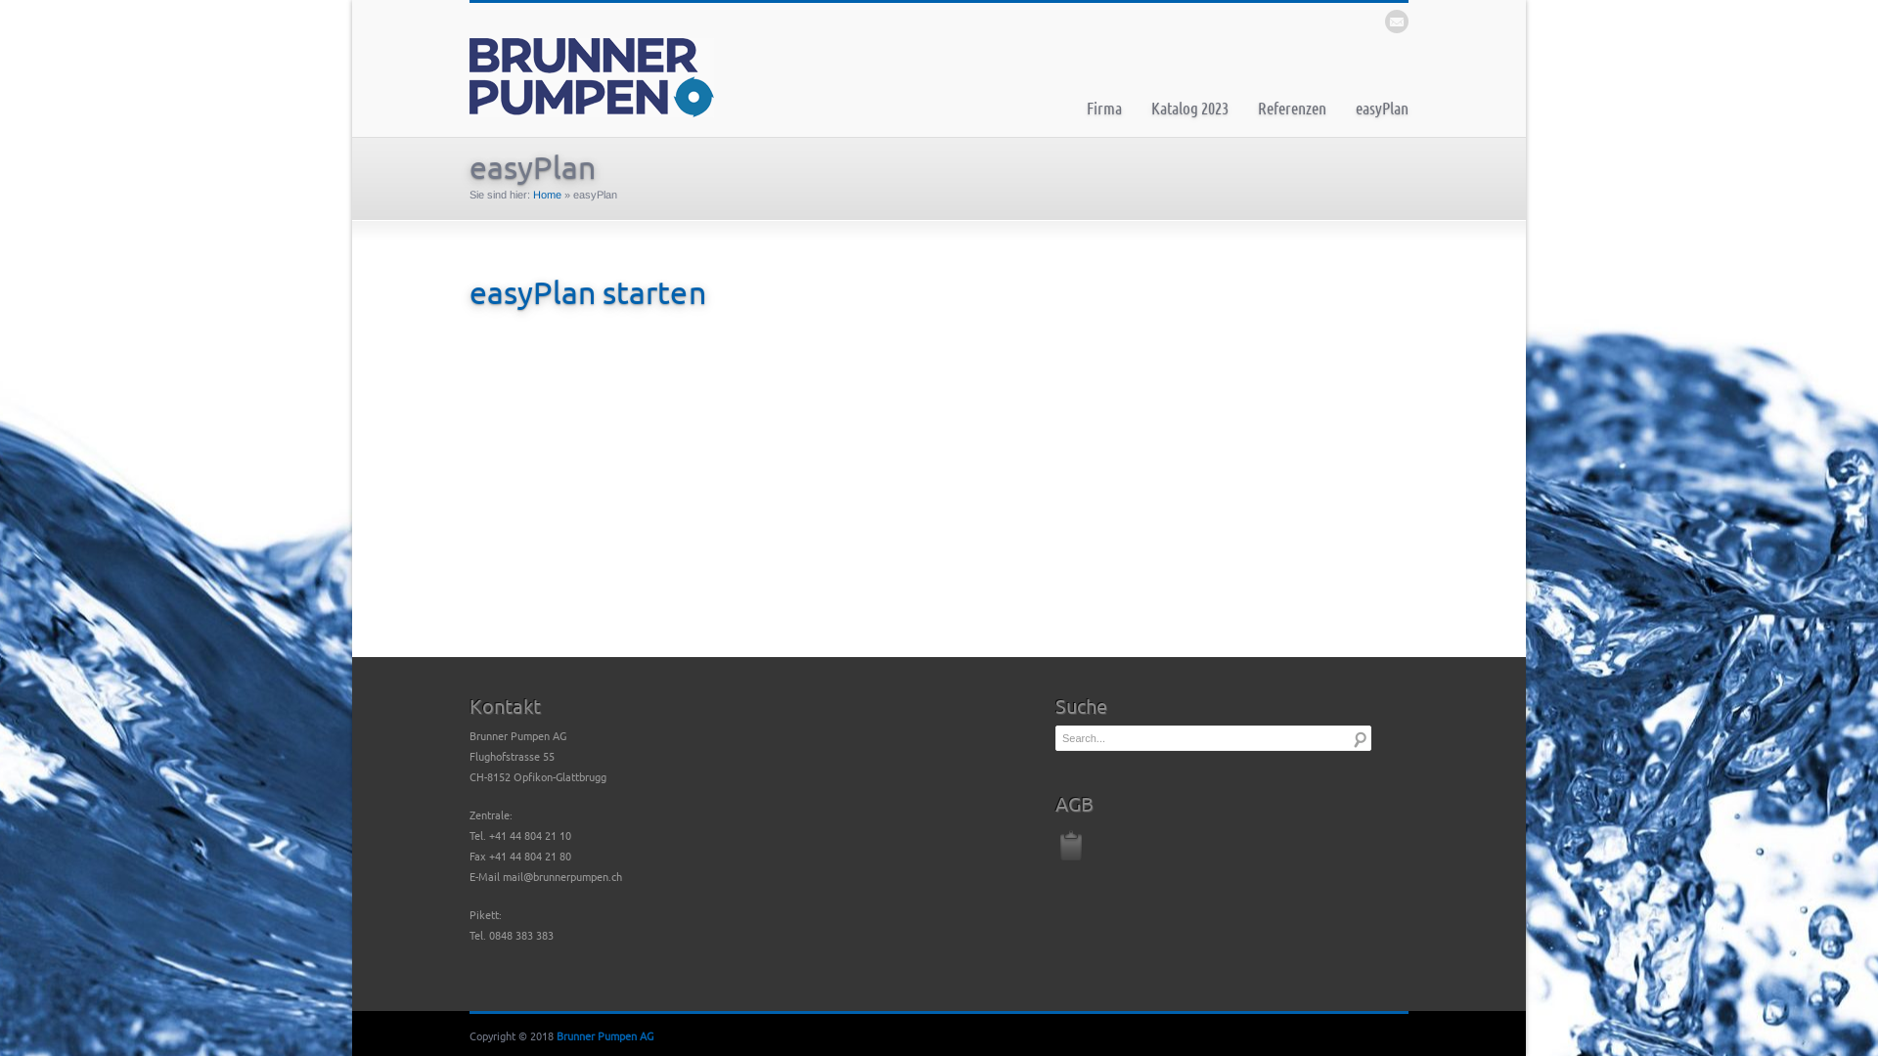 This screenshot has width=1878, height=1056. I want to click on 'Firma', so click(1103, 108).